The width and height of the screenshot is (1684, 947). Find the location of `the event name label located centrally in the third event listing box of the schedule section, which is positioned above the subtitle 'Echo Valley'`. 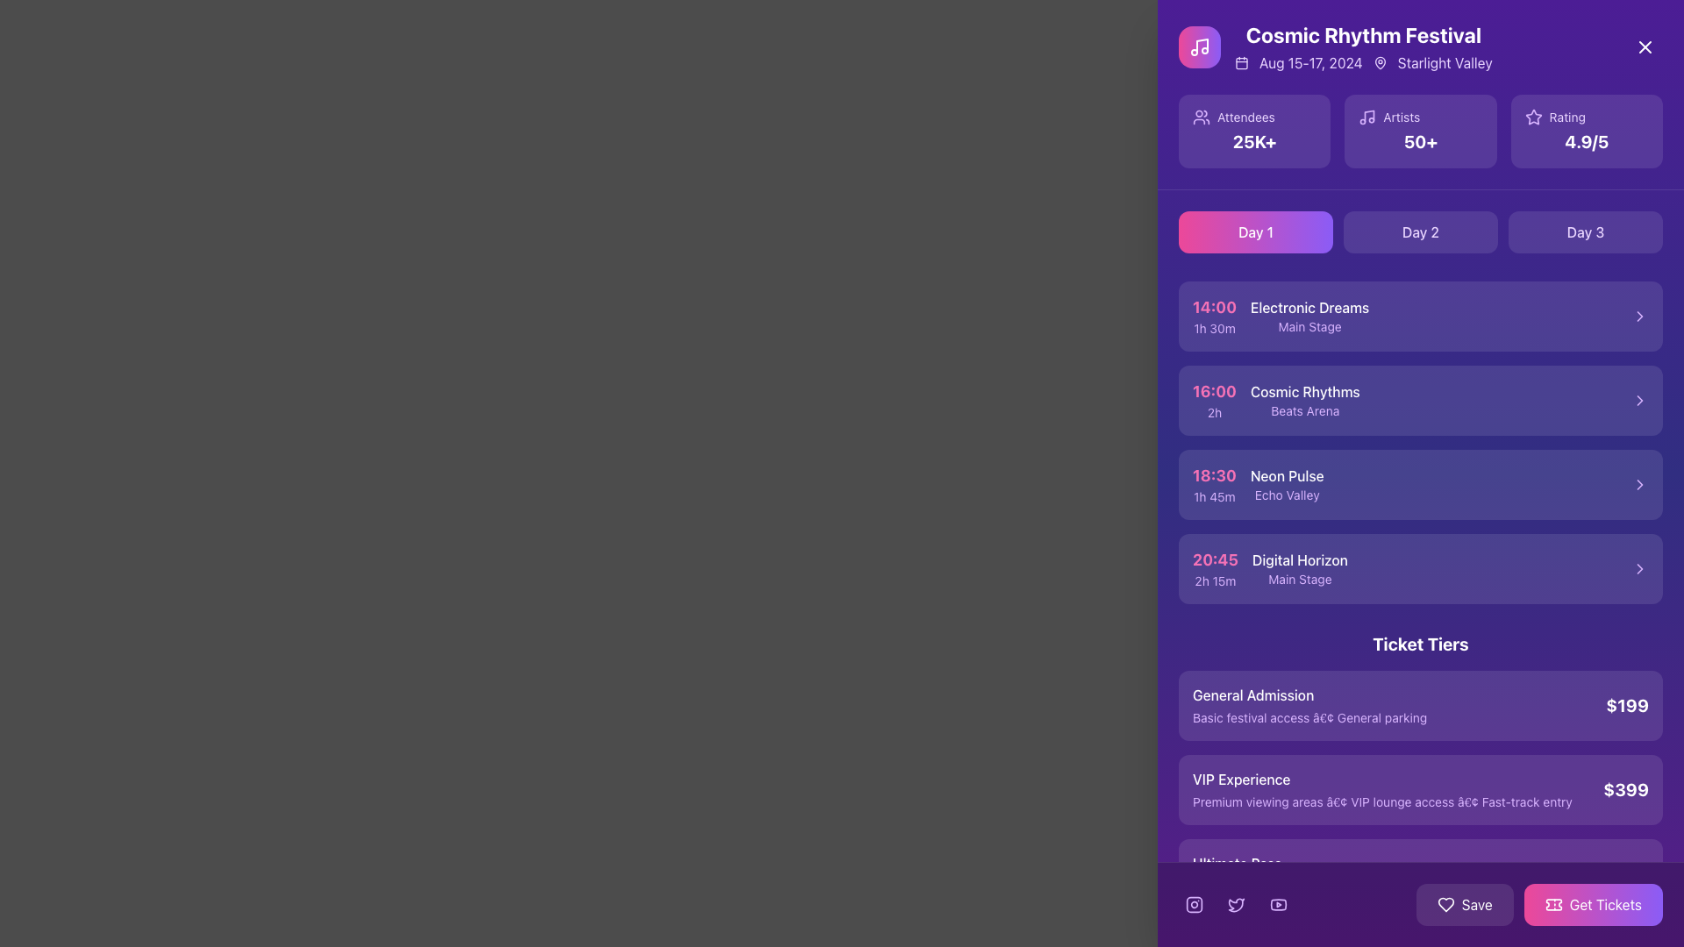

the event name label located centrally in the third event listing box of the schedule section, which is positioned above the subtitle 'Echo Valley' is located at coordinates (1287, 476).